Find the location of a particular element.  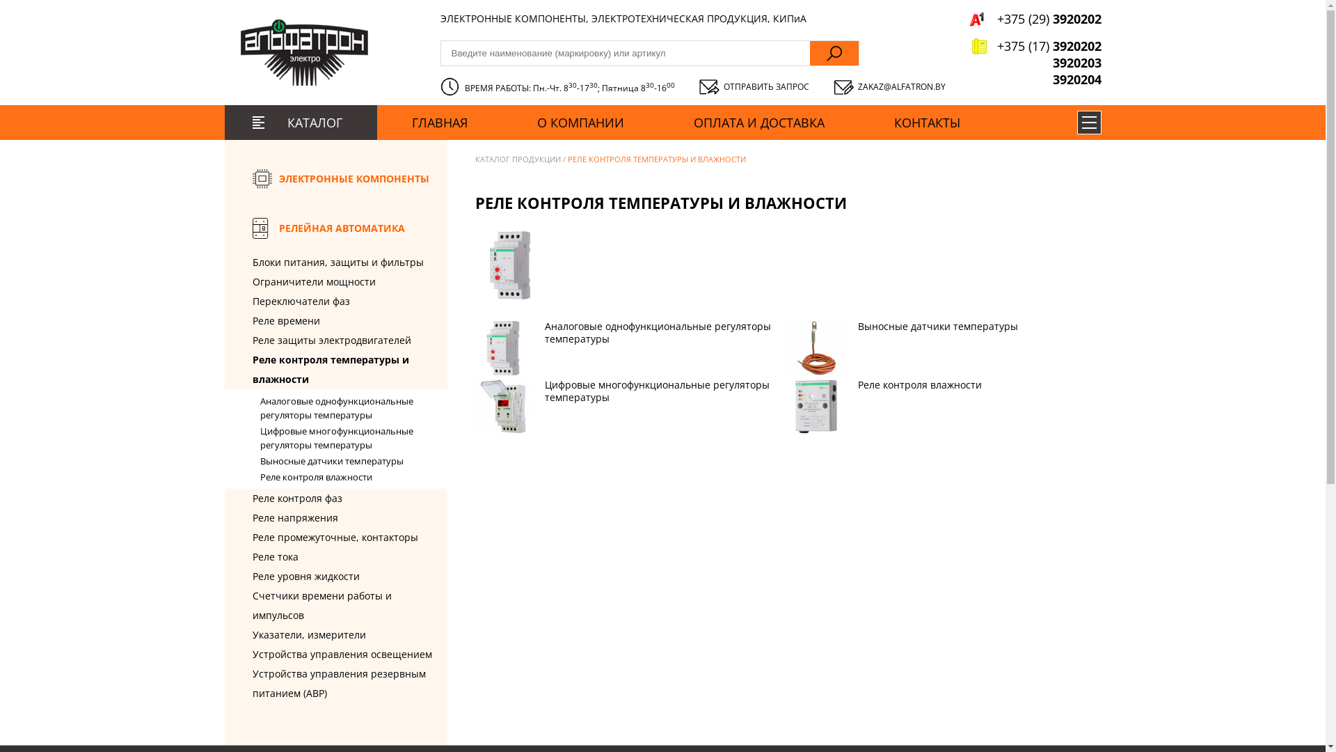

'ZAKAZ@ALFATRON.BY' is located at coordinates (889, 86).